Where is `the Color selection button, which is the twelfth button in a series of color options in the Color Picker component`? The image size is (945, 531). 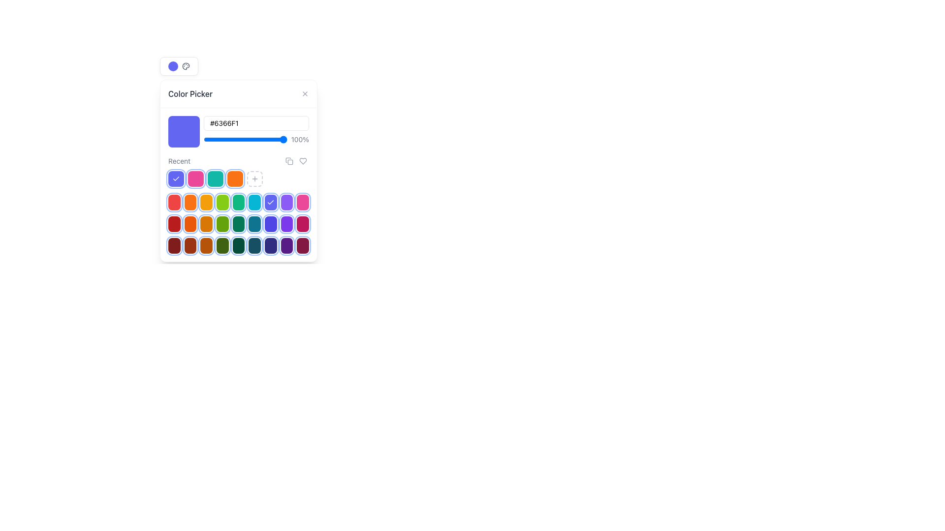 the Color selection button, which is the twelfth button in a series of color options in the Color Picker component is located at coordinates (302, 202).